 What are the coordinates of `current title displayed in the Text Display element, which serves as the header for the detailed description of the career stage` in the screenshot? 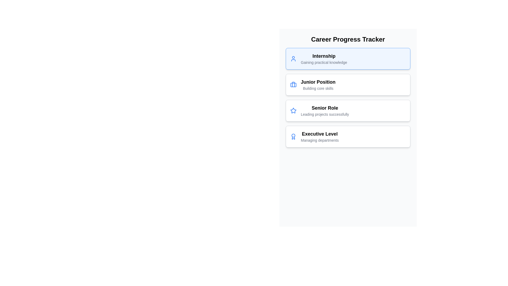 It's located at (319, 133).